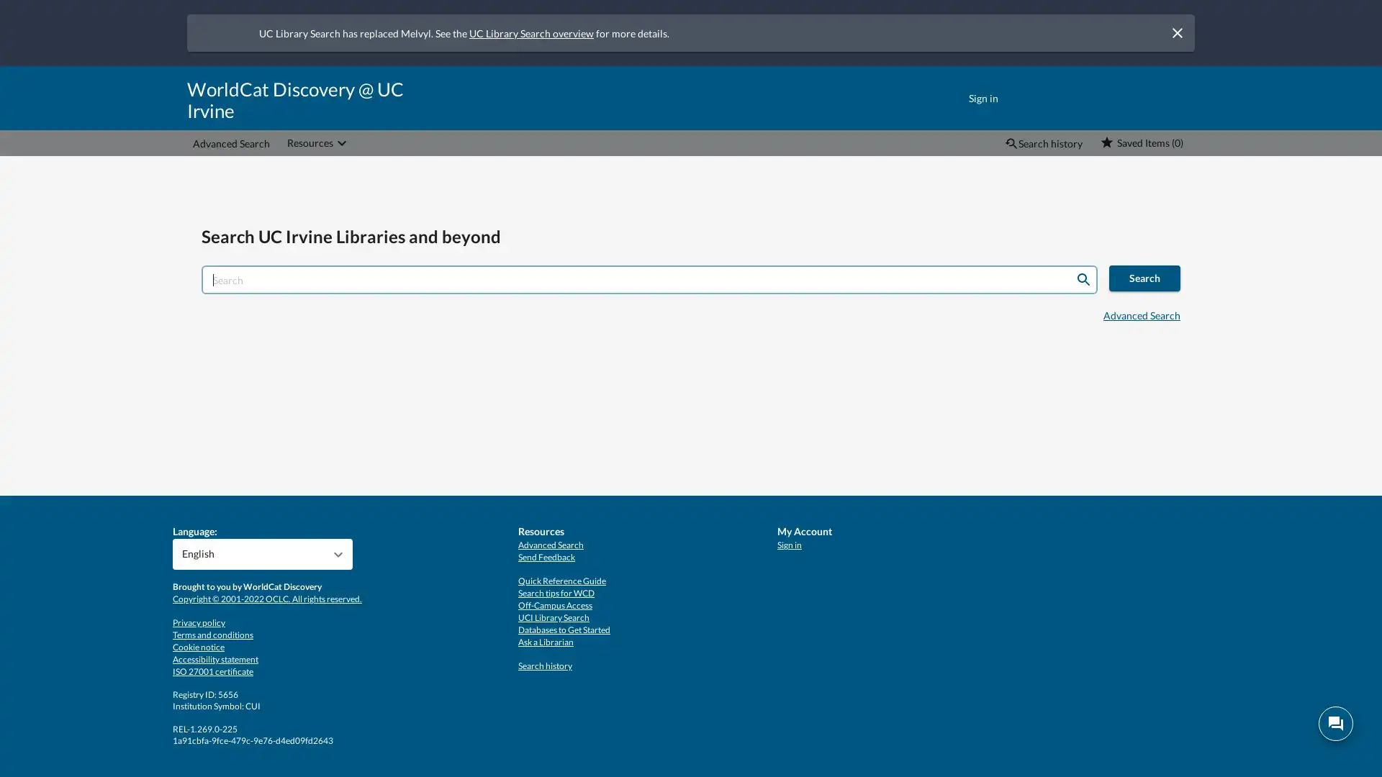 The image size is (1382, 777). Describe the element at coordinates (1083, 280) in the screenshot. I see `Search` at that location.